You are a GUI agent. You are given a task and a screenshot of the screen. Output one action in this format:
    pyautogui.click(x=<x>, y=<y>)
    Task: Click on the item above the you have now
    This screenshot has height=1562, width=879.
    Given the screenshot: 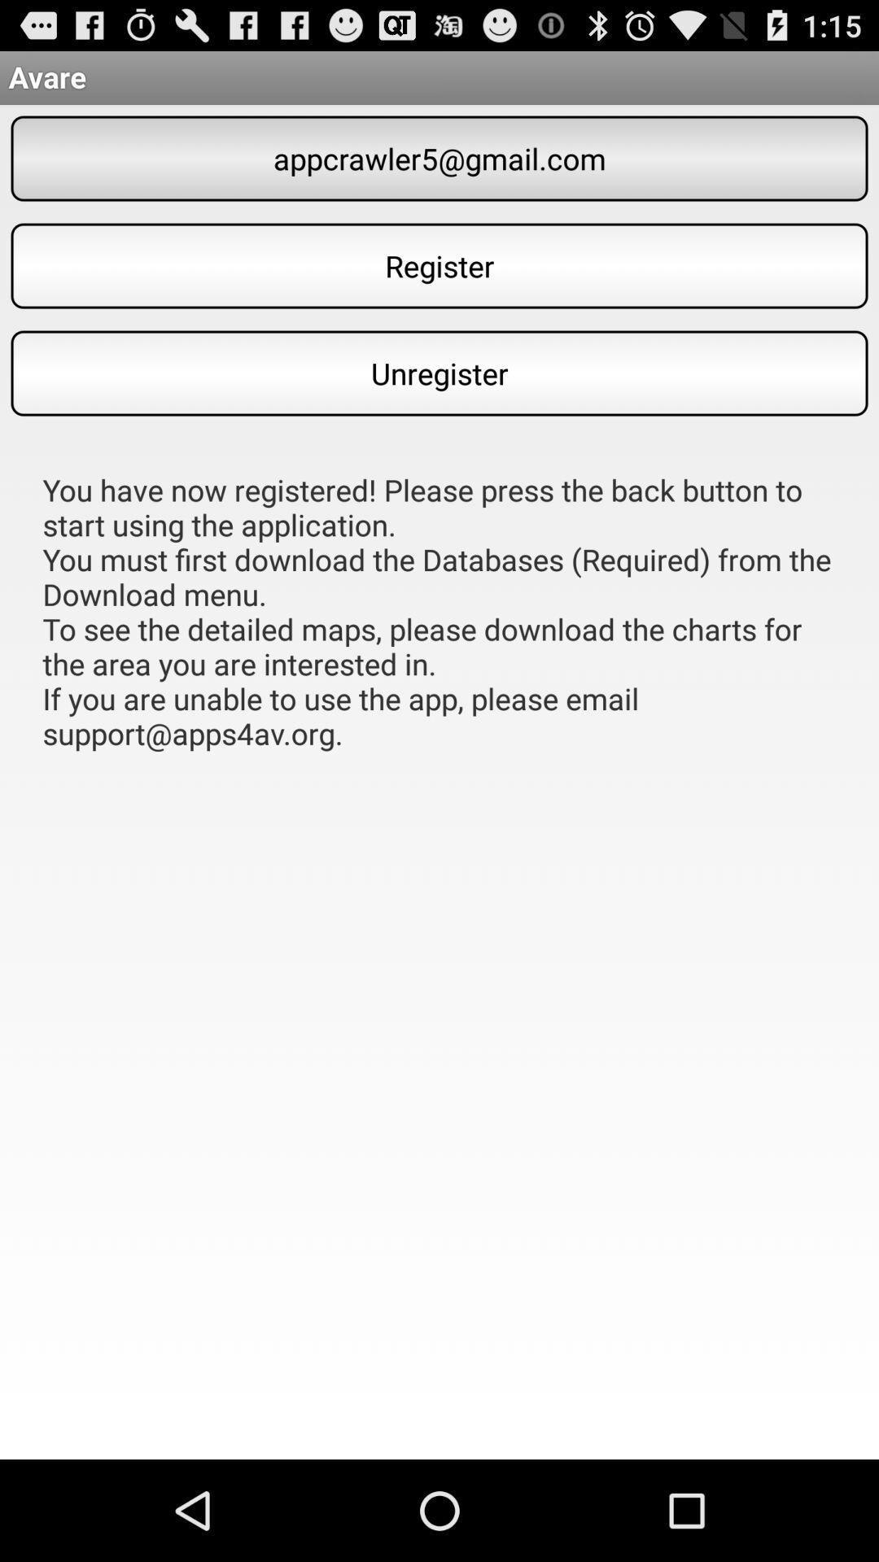 What is the action you would take?
    pyautogui.click(x=439, y=373)
    